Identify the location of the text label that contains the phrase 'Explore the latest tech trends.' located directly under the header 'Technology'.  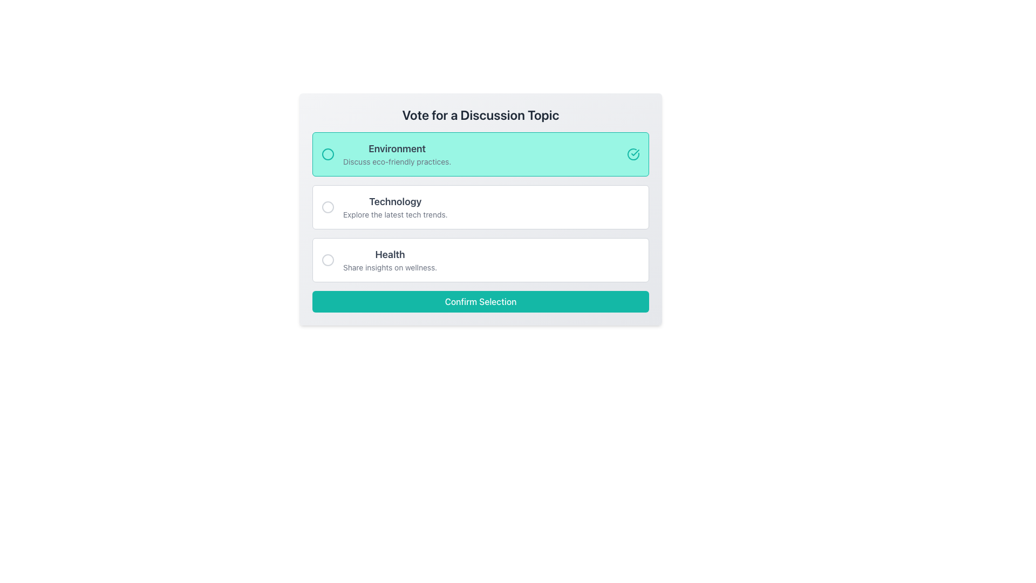
(394, 214).